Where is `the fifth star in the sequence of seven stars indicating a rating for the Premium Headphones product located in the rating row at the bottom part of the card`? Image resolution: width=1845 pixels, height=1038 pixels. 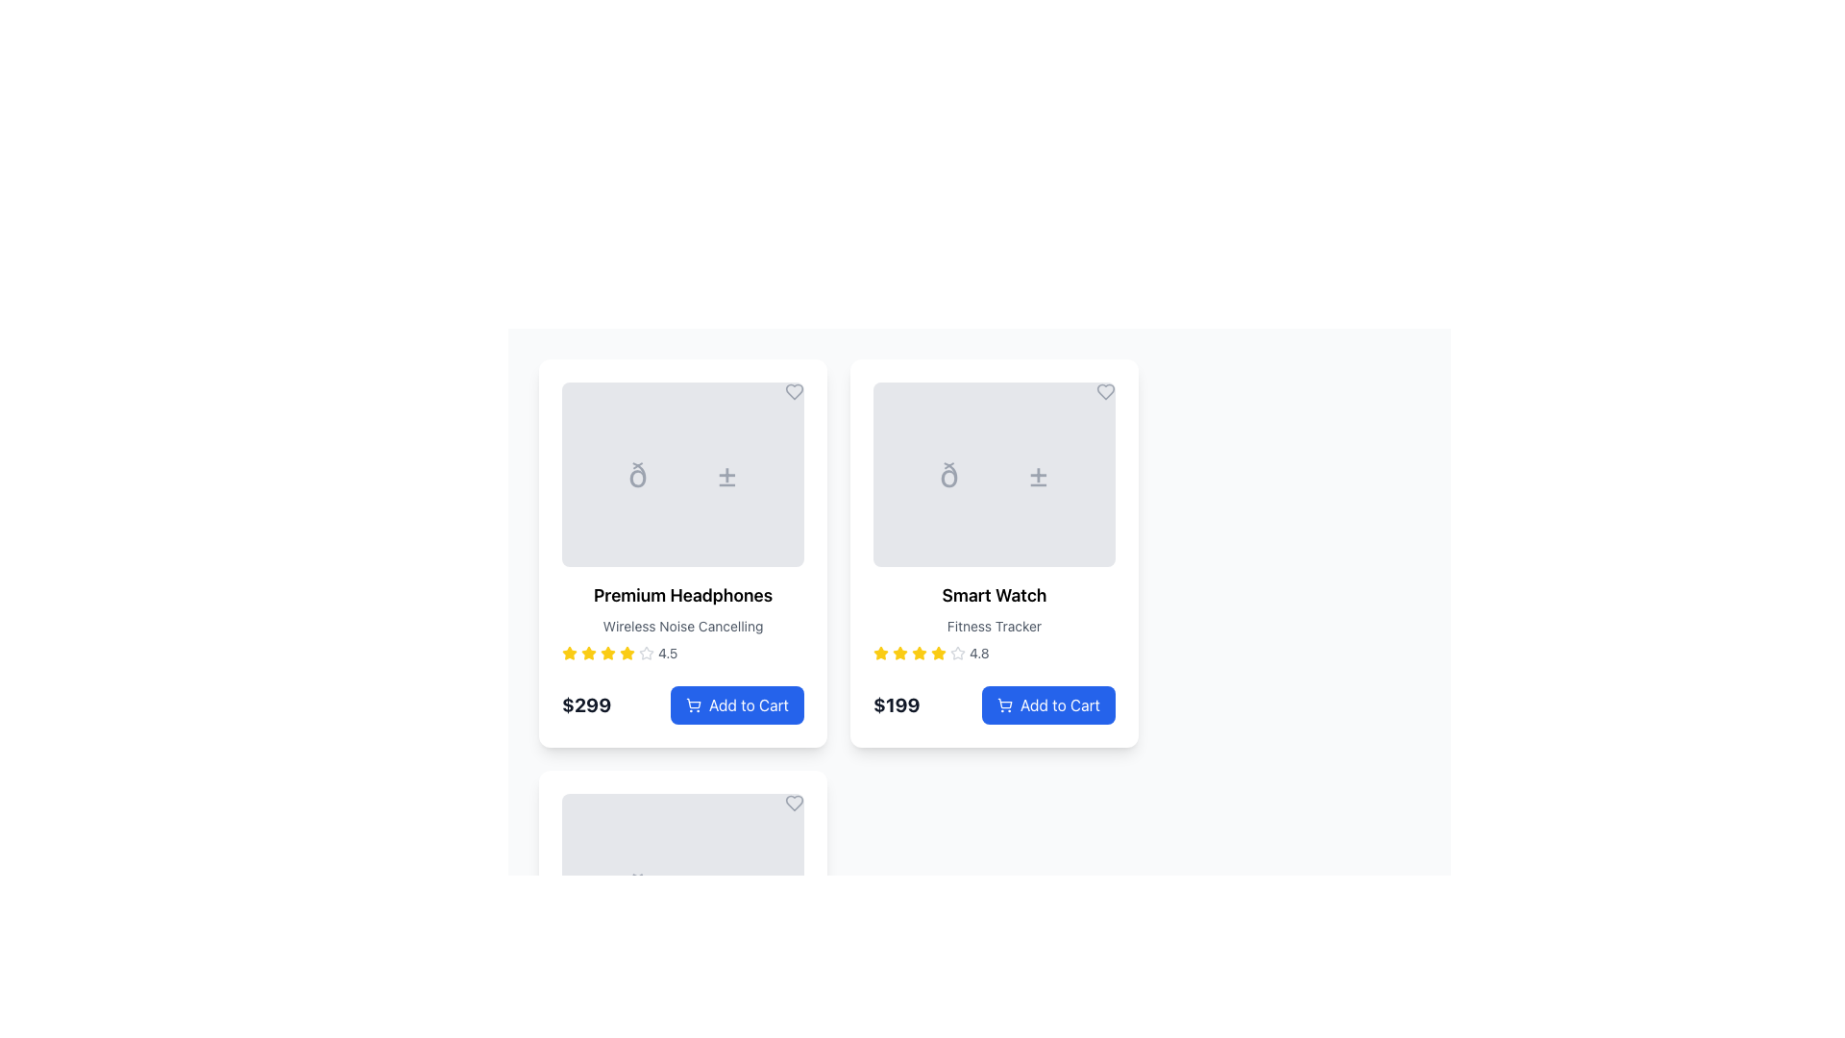 the fifth star in the sequence of seven stars indicating a rating for the Premium Headphones product located in the rating row at the bottom part of the card is located at coordinates (607, 652).